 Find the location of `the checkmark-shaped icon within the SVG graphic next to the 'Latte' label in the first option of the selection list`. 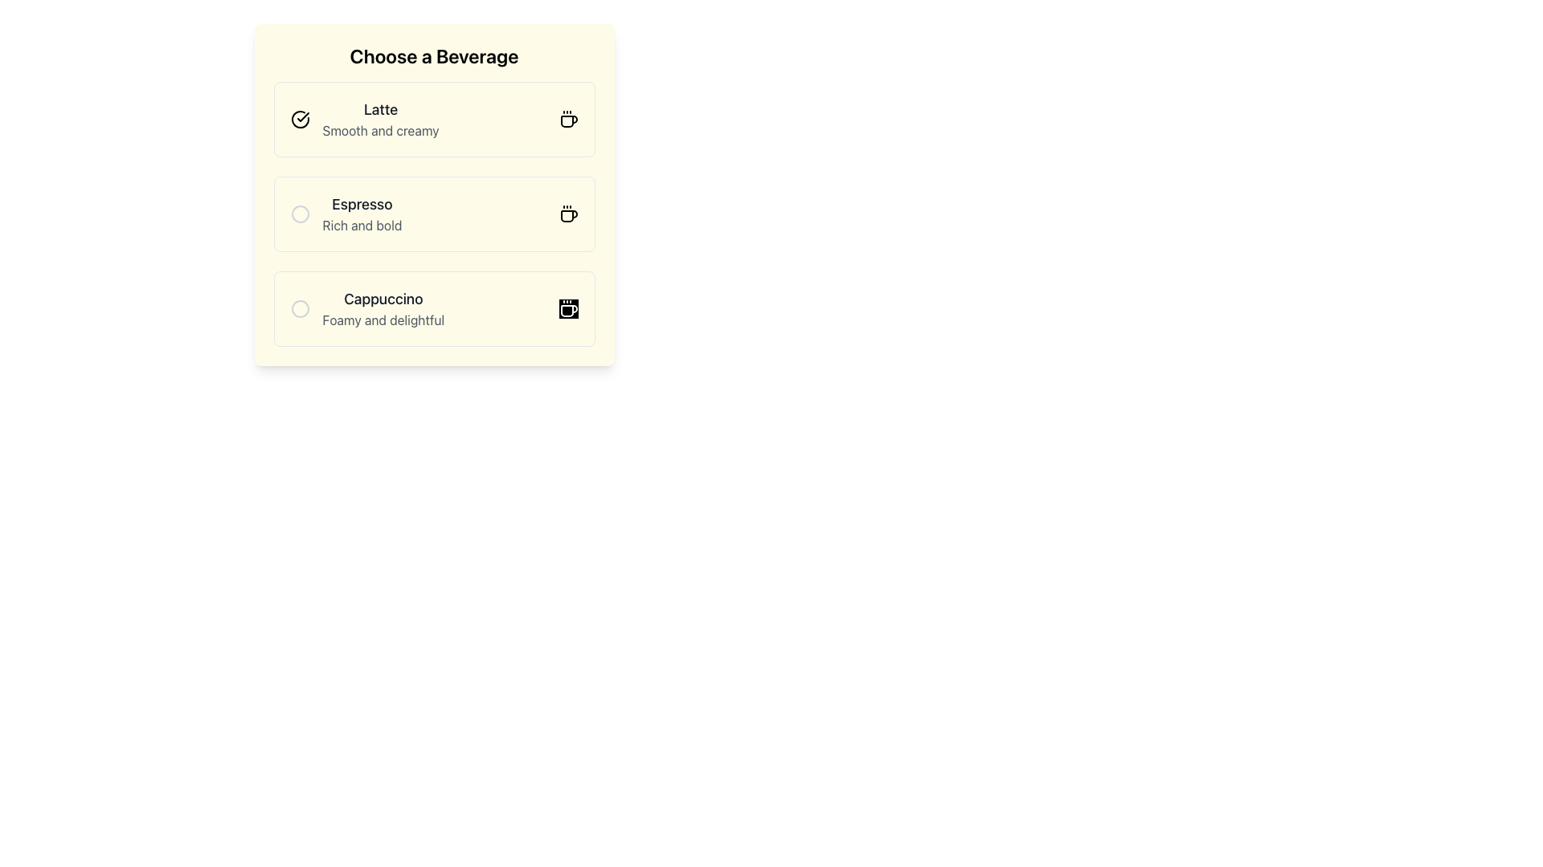

the checkmark-shaped icon within the SVG graphic next to the 'Latte' label in the first option of the selection list is located at coordinates (303, 116).